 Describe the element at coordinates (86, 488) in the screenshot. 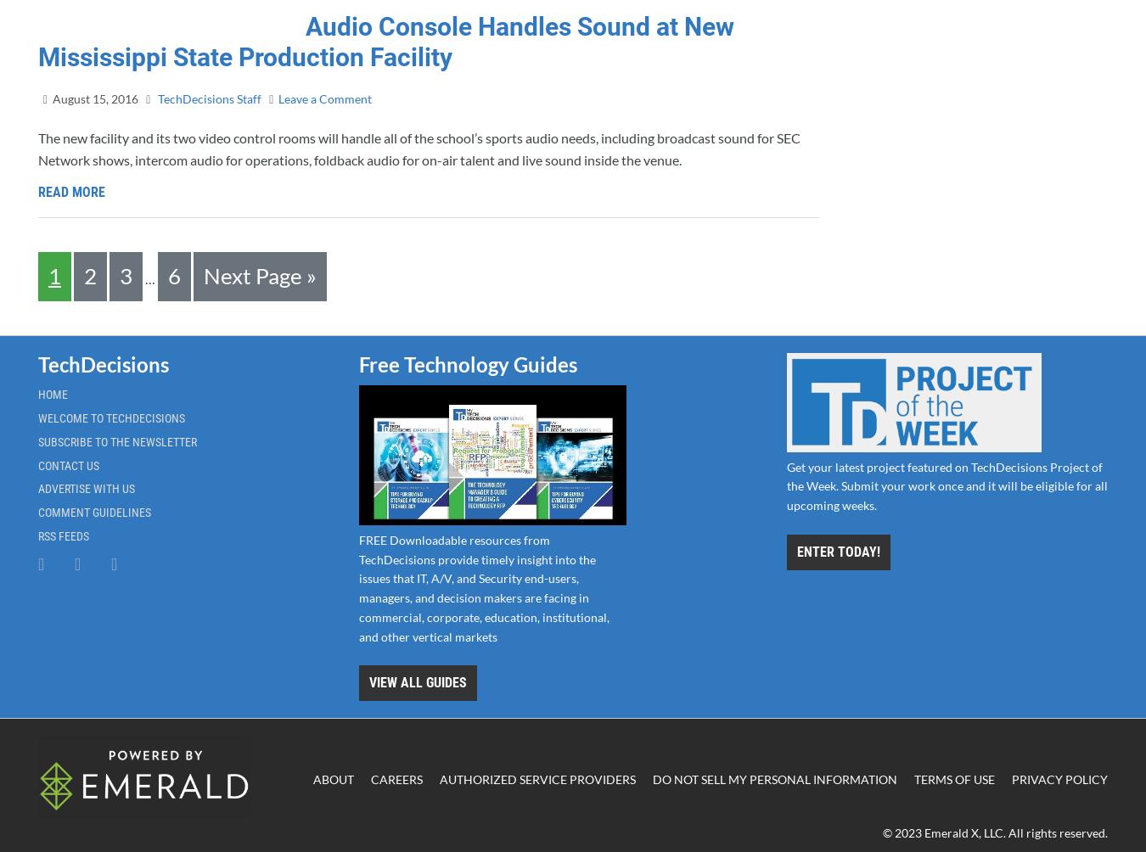

I see `'Advertise with Us'` at that location.